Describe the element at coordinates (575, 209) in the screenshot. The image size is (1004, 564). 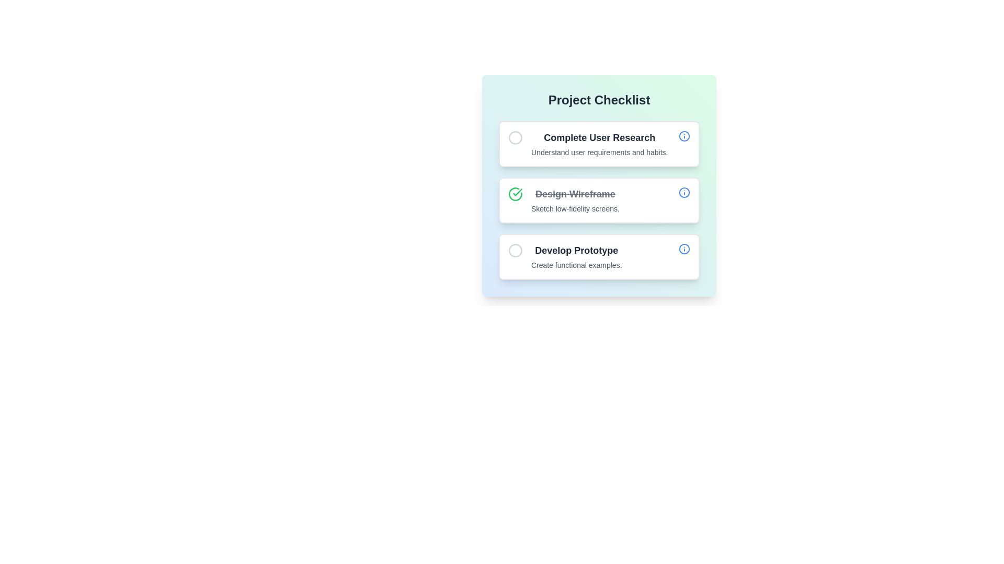
I see `the static text that provides descriptive information for the checklist item related to 'Design Wireframe', located beneath the 'Design Wireframe' label in the second checklist item of the 'Project Checklist' card` at that location.